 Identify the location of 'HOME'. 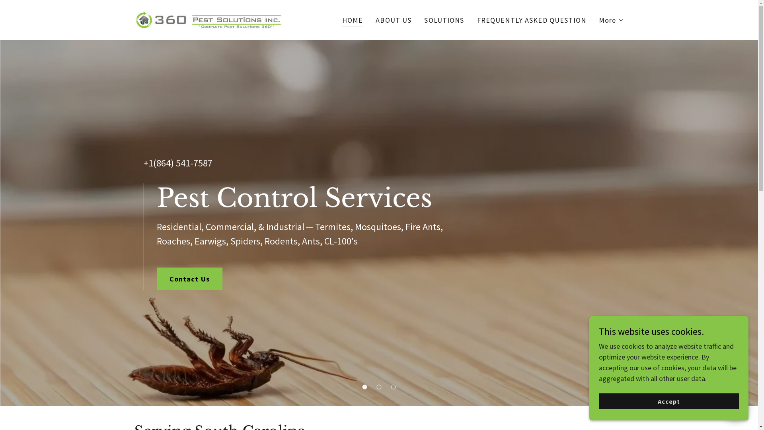
(352, 20).